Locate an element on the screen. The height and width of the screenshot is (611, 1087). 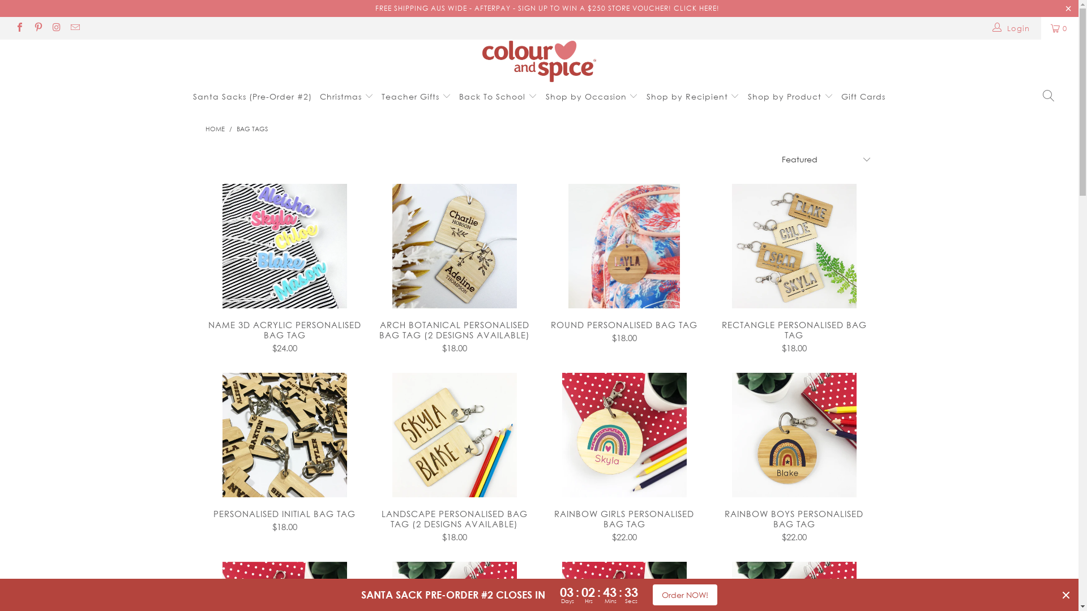
'Login' is located at coordinates (1011, 28).